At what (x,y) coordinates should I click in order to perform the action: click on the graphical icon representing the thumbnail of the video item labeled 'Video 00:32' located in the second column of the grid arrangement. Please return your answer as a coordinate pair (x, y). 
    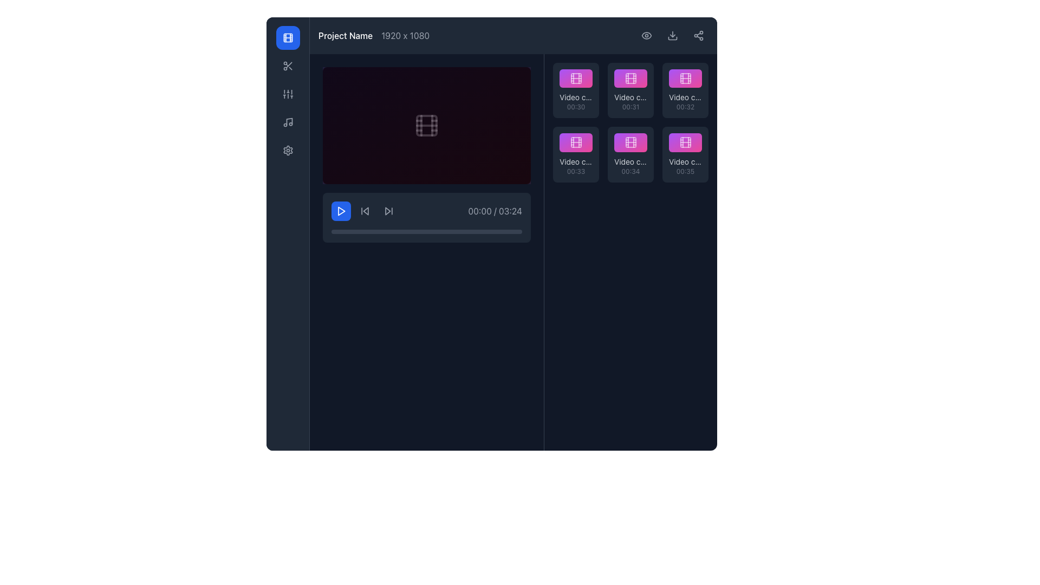
    Looking at the image, I should click on (685, 78).